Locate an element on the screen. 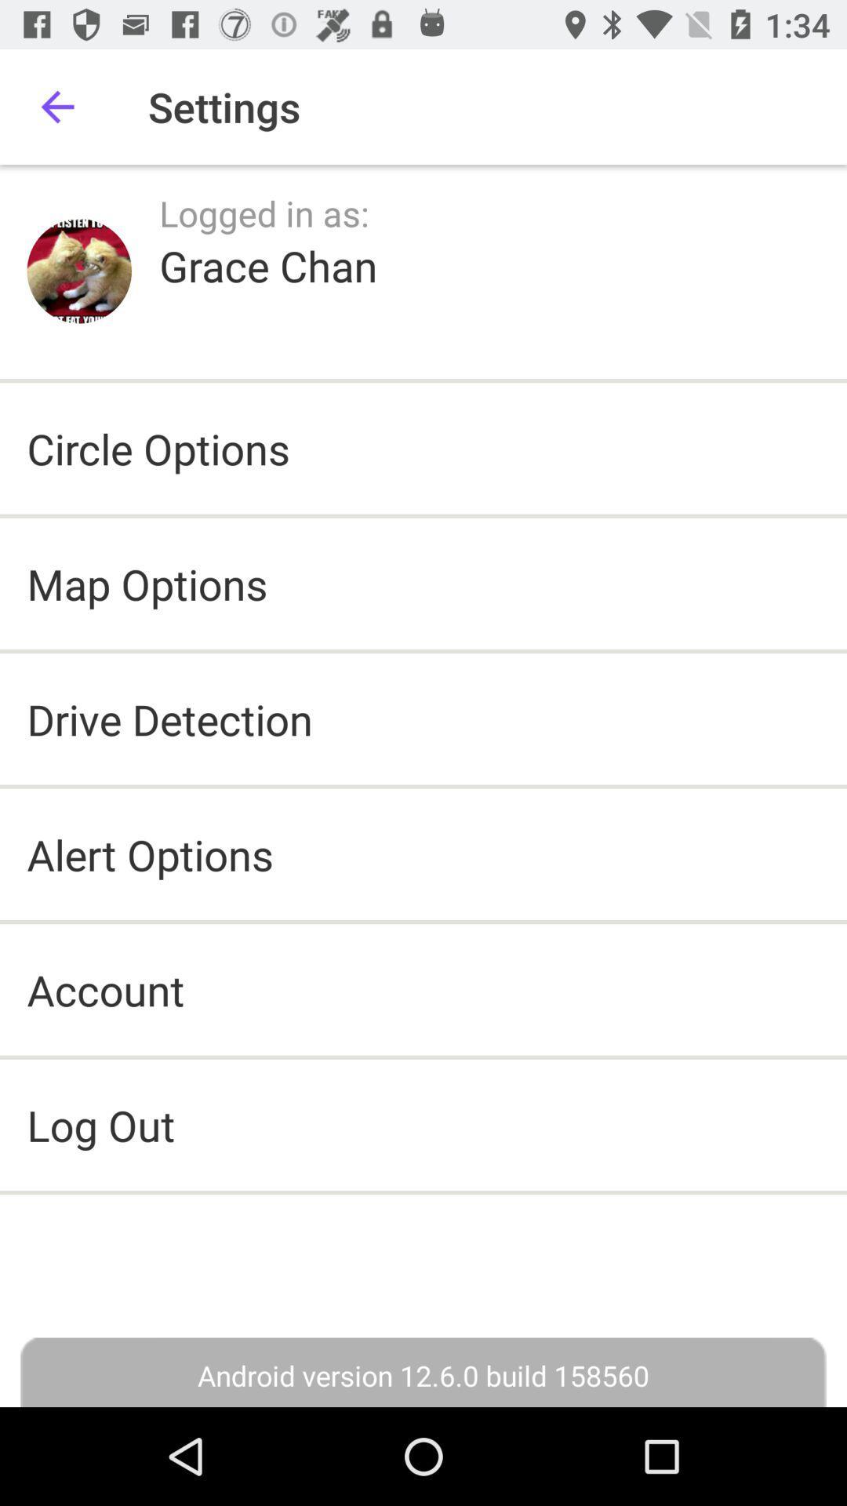  icon above circle options icon is located at coordinates (79, 271).